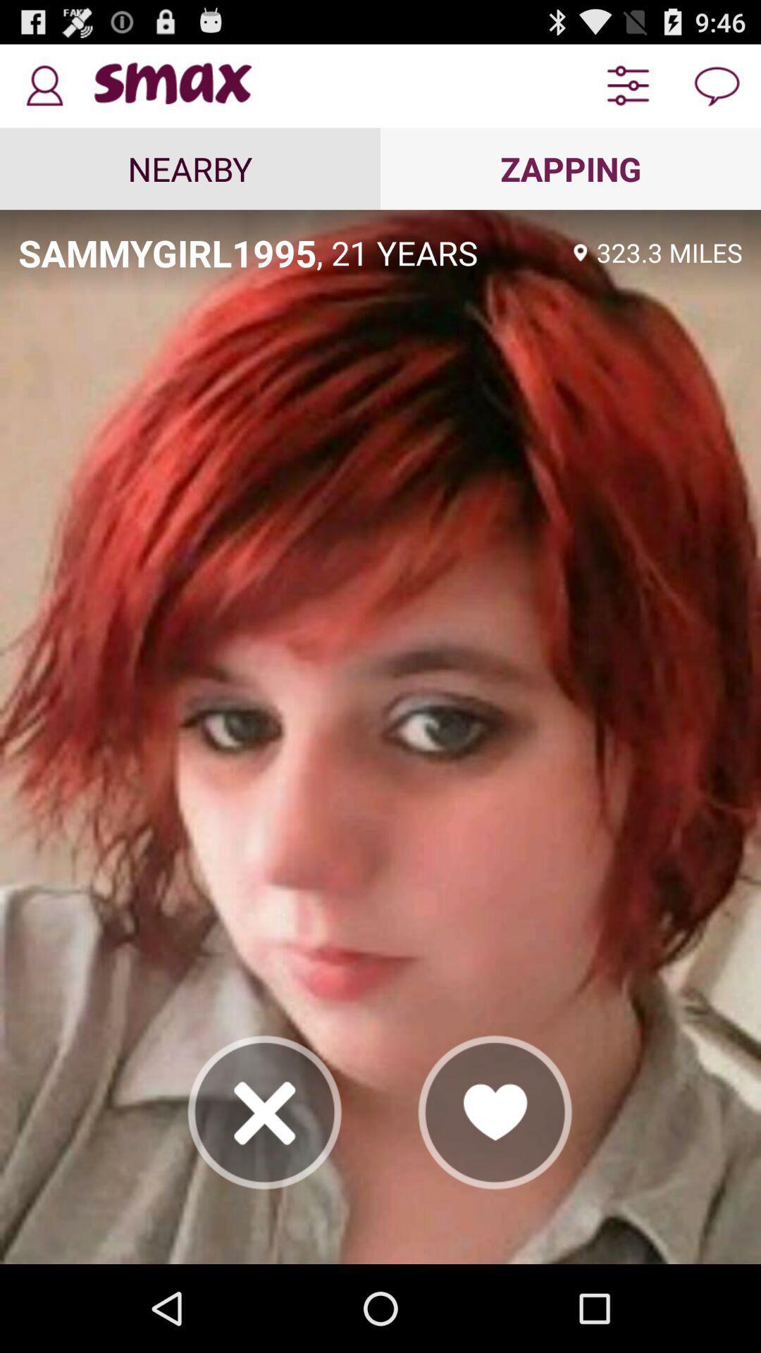  Describe the element at coordinates (440, 252) in the screenshot. I see `icon to the right of the sammygirl1995 app` at that location.